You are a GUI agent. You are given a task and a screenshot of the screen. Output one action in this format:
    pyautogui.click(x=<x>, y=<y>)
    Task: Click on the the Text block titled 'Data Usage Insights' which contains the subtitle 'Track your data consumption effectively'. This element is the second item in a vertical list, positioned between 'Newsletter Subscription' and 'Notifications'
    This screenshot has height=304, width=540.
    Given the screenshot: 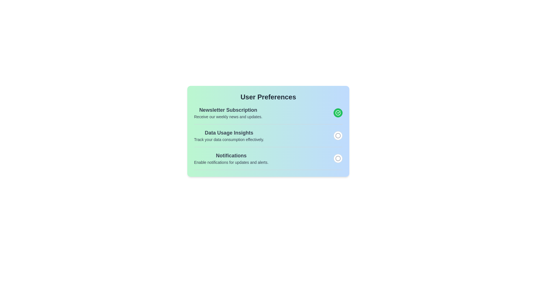 What is the action you would take?
    pyautogui.click(x=229, y=136)
    